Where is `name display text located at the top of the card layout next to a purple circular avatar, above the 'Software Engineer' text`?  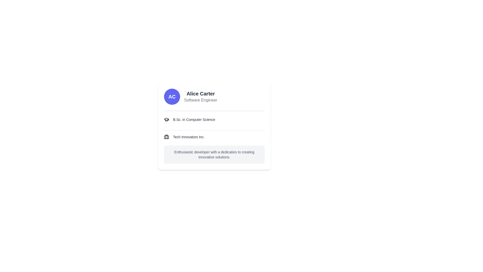
name display text located at the top of the card layout next to a purple circular avatar, above the 'Software Engineer' text is located at coordinates (200, 93).